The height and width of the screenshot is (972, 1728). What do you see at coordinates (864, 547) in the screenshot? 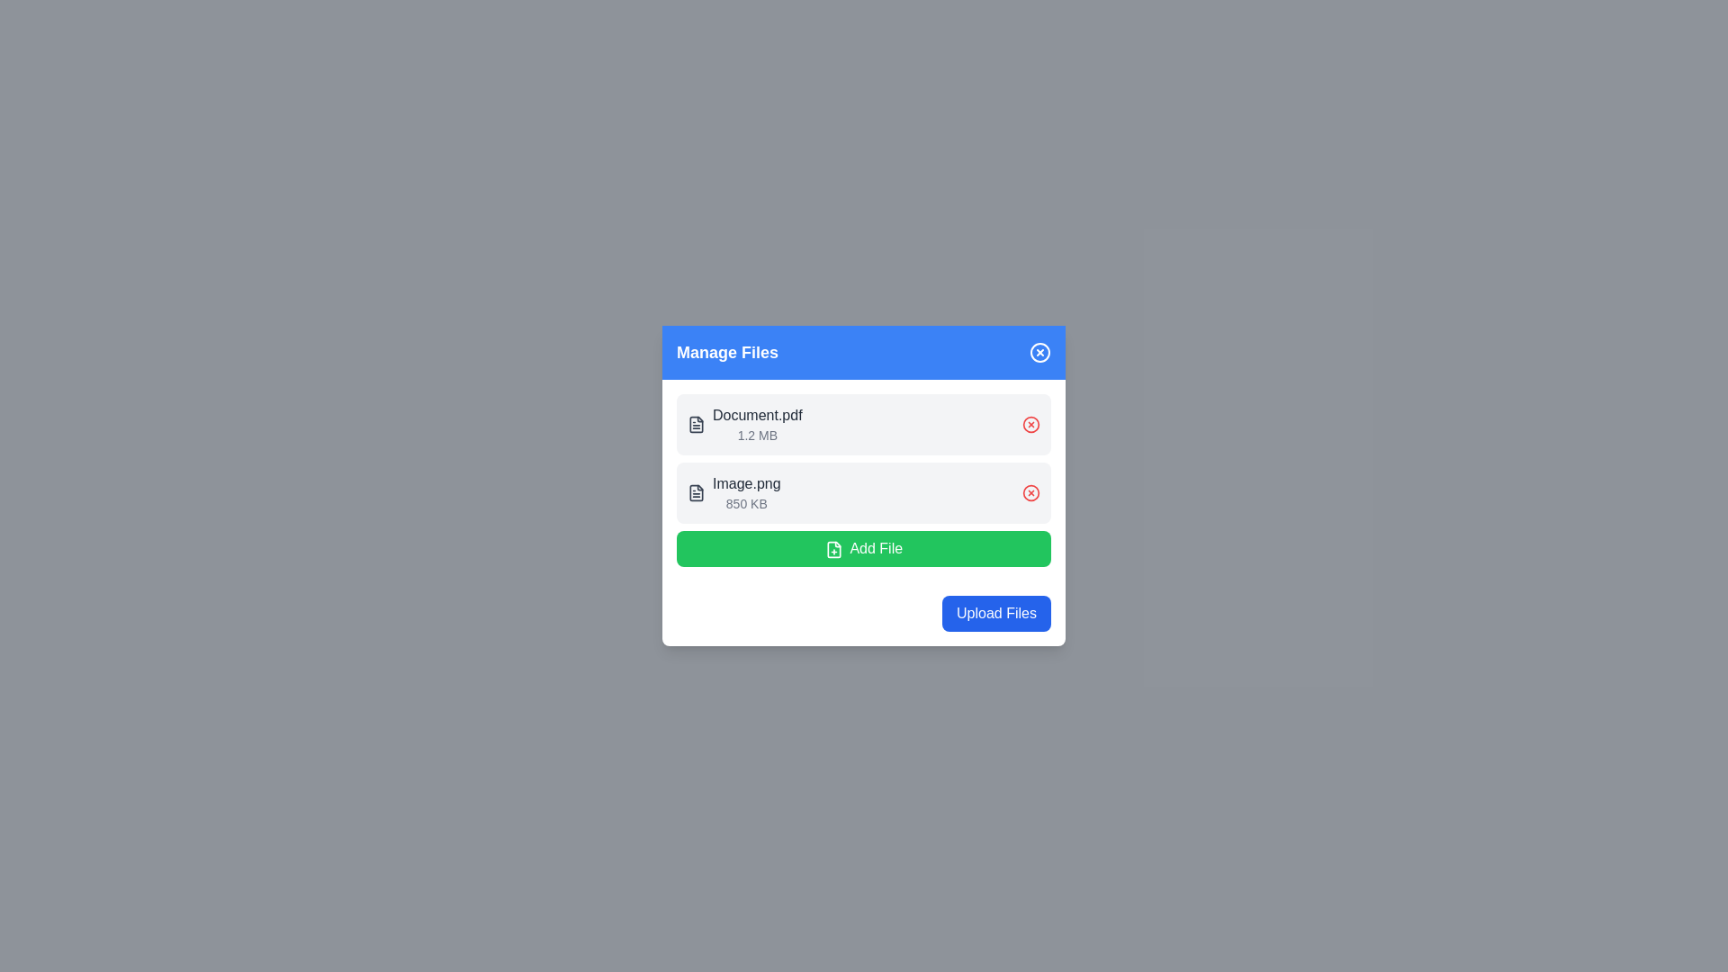
I see `the 'Add New File' button located below the list of files in the 'Manage Files' modal box` at bounding box center [864, 547].